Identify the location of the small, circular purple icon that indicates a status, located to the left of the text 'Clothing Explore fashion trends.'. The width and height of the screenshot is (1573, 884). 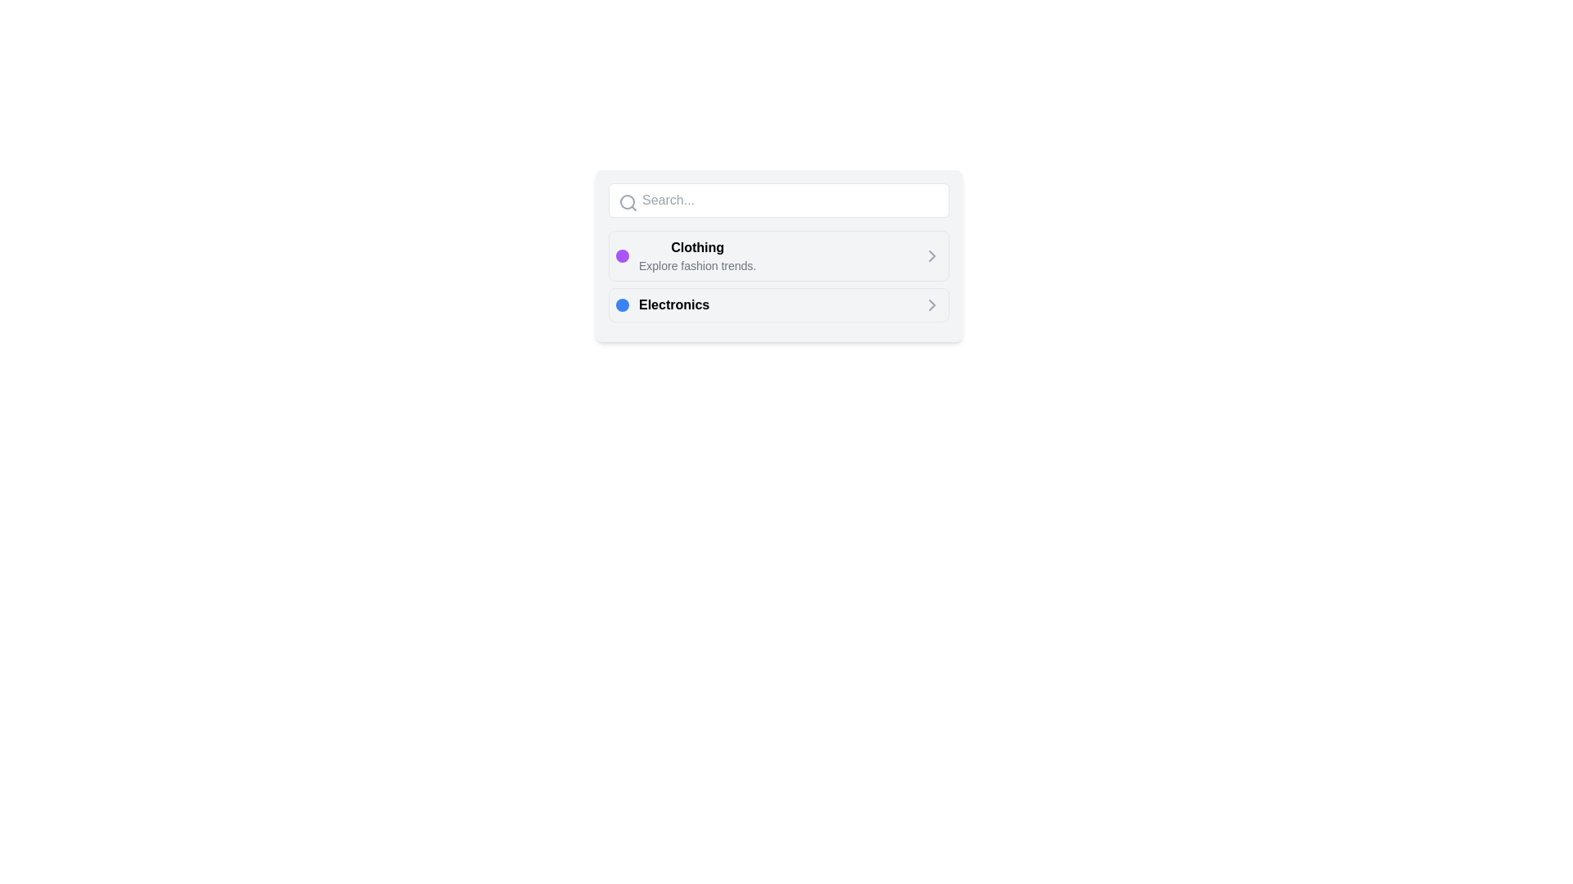
(621, 255).